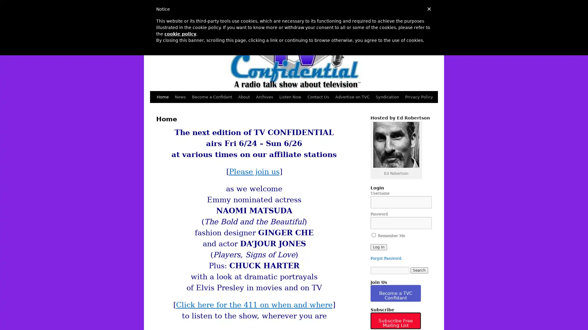  Describe the element at coordinates (379, 247) in the screenshot. I see `Log In` at that location.